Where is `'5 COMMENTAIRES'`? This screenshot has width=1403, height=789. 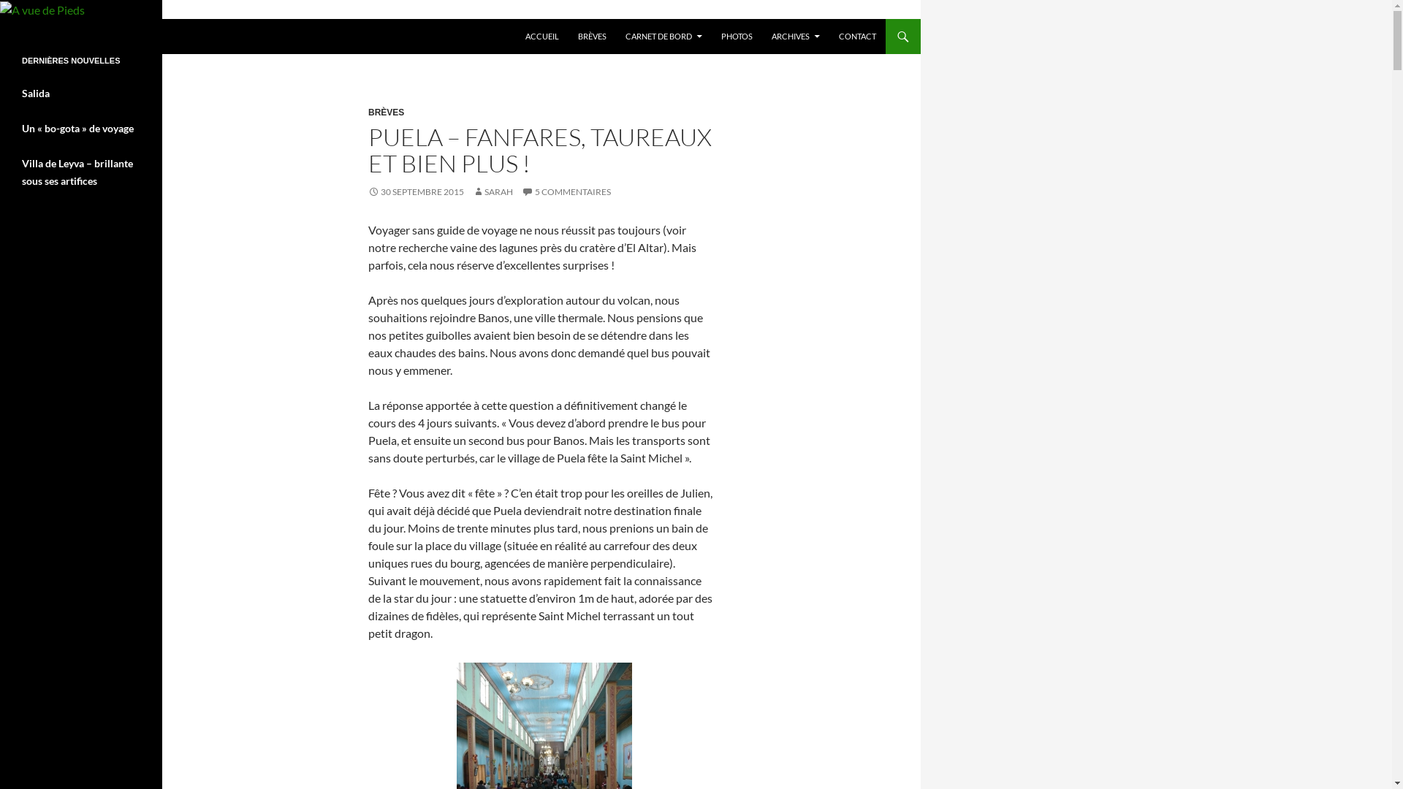
'5 COMMENTAIRES' is located at coordinates (565, 191).